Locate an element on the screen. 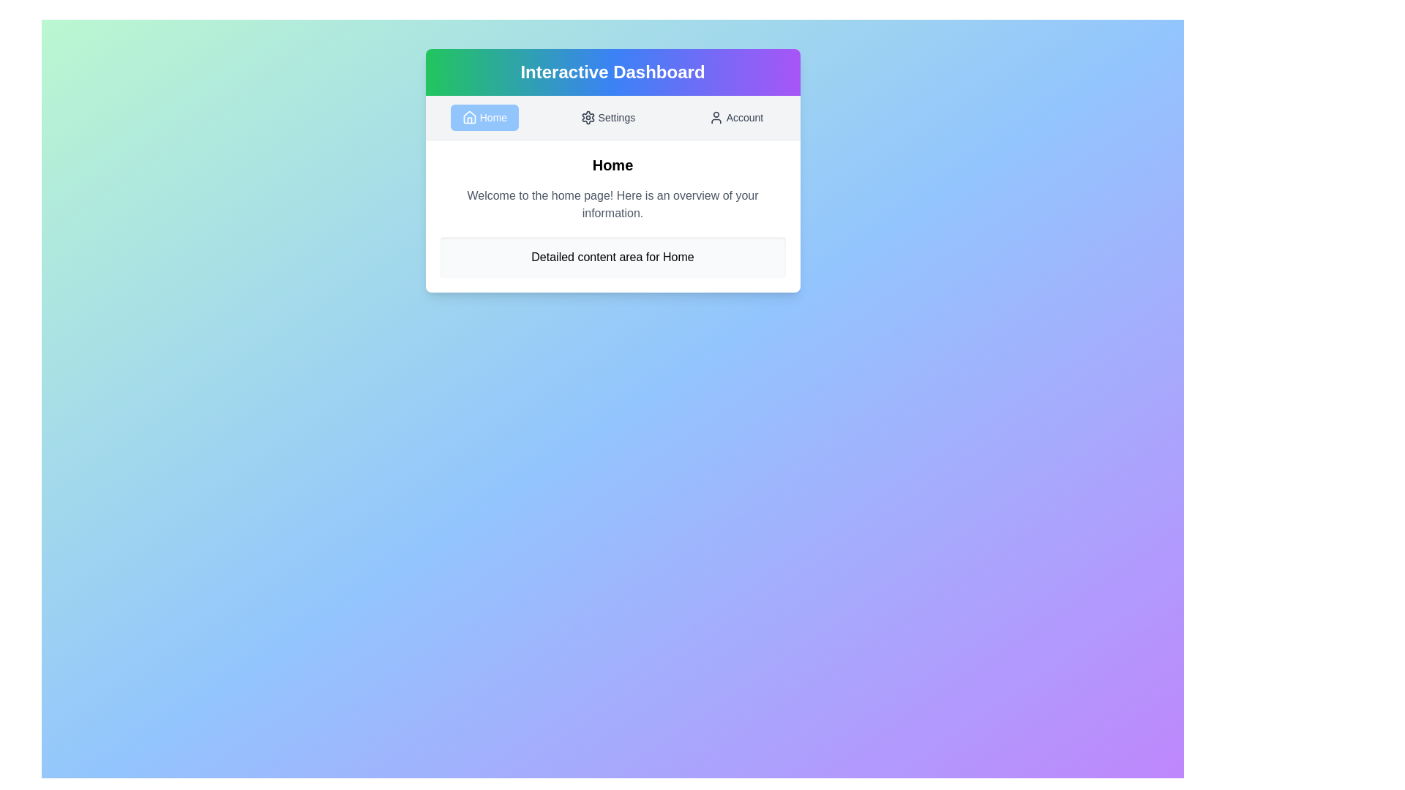  the tab labeled Account is located at coordinates (735, 117).